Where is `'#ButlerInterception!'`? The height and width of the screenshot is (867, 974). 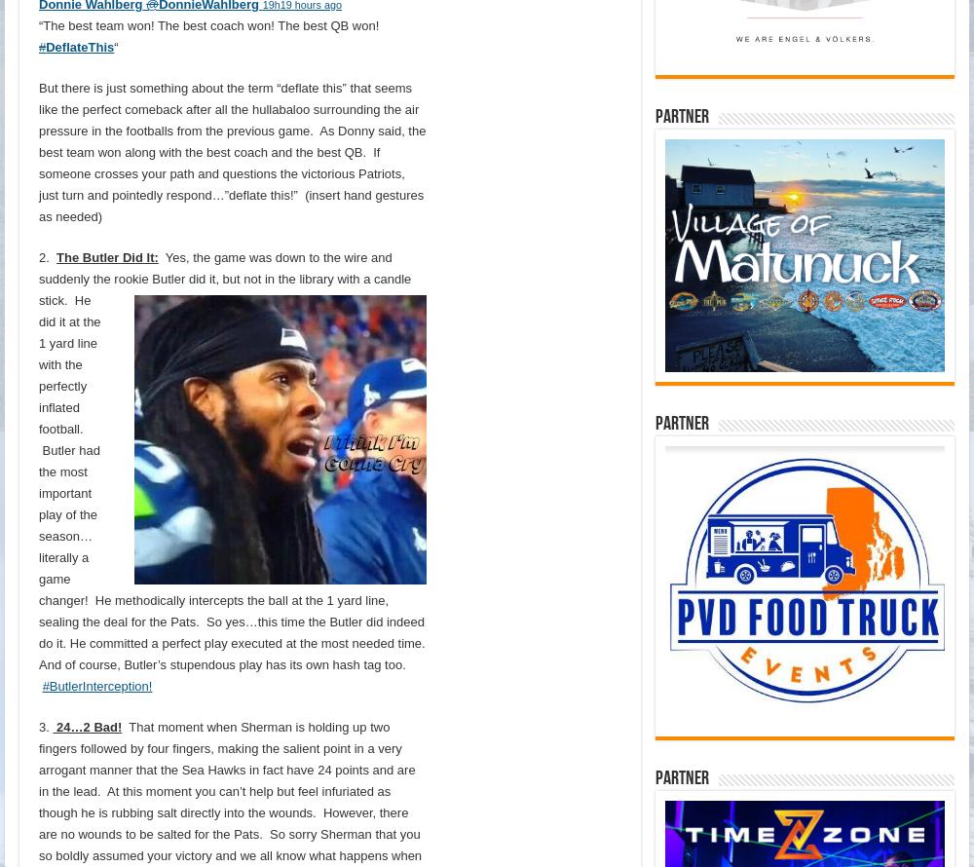
'#ButlerInterception!' is located at coordinates (95, 684).